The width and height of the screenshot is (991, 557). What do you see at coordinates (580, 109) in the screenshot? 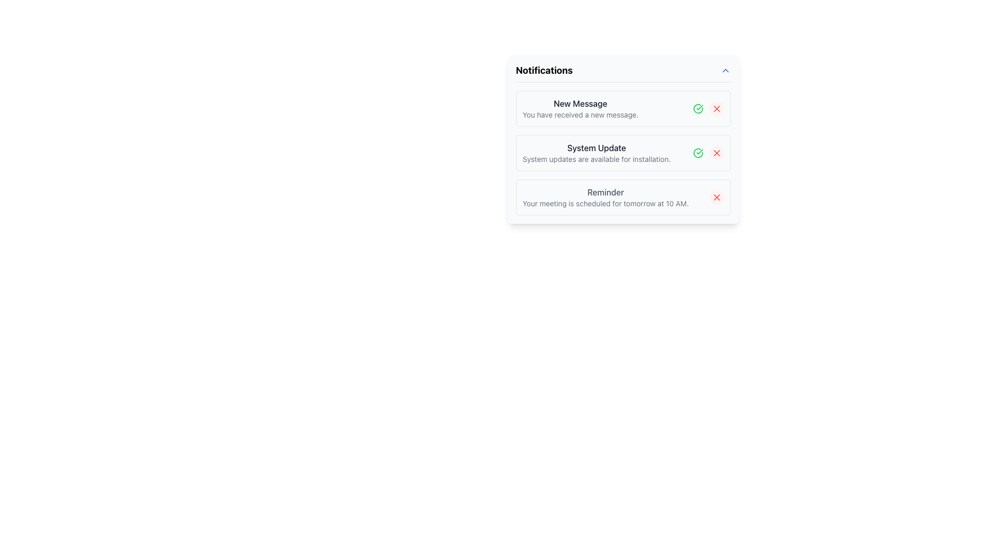
I see `the Notification Text Content located at the top part of the notification list, inside the first notification item to access related elements` at bounding box center [580, 109].